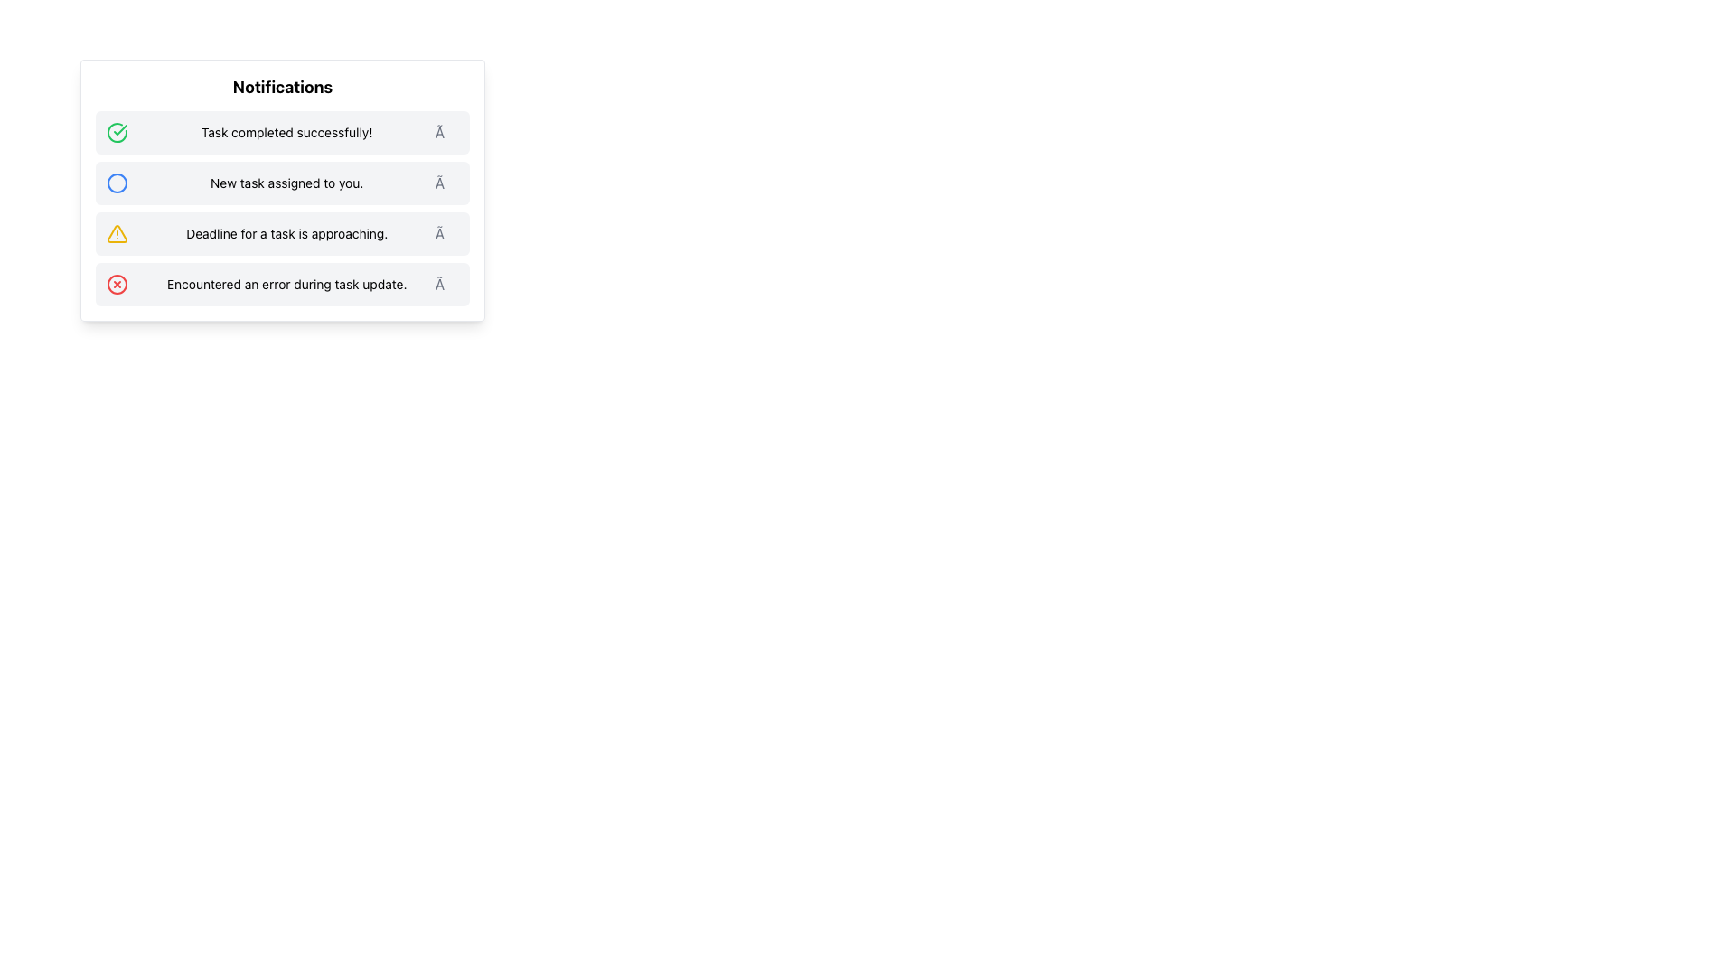 The height and width of the screenshot is (976, 1735). What do you see at coordinates (116, 232) in the screenshot?
I see `the warning notification icon located in the third row of the notifications list, adjacent to the message 'Deadline for a task is approaching.'` at bounding box center [116, 232].